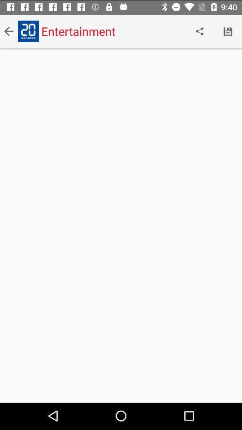 The image size is (242, 430). Describe the element at coordinates (199, 30) in the screenshot. I see `icon next to entertainment item` at that location.